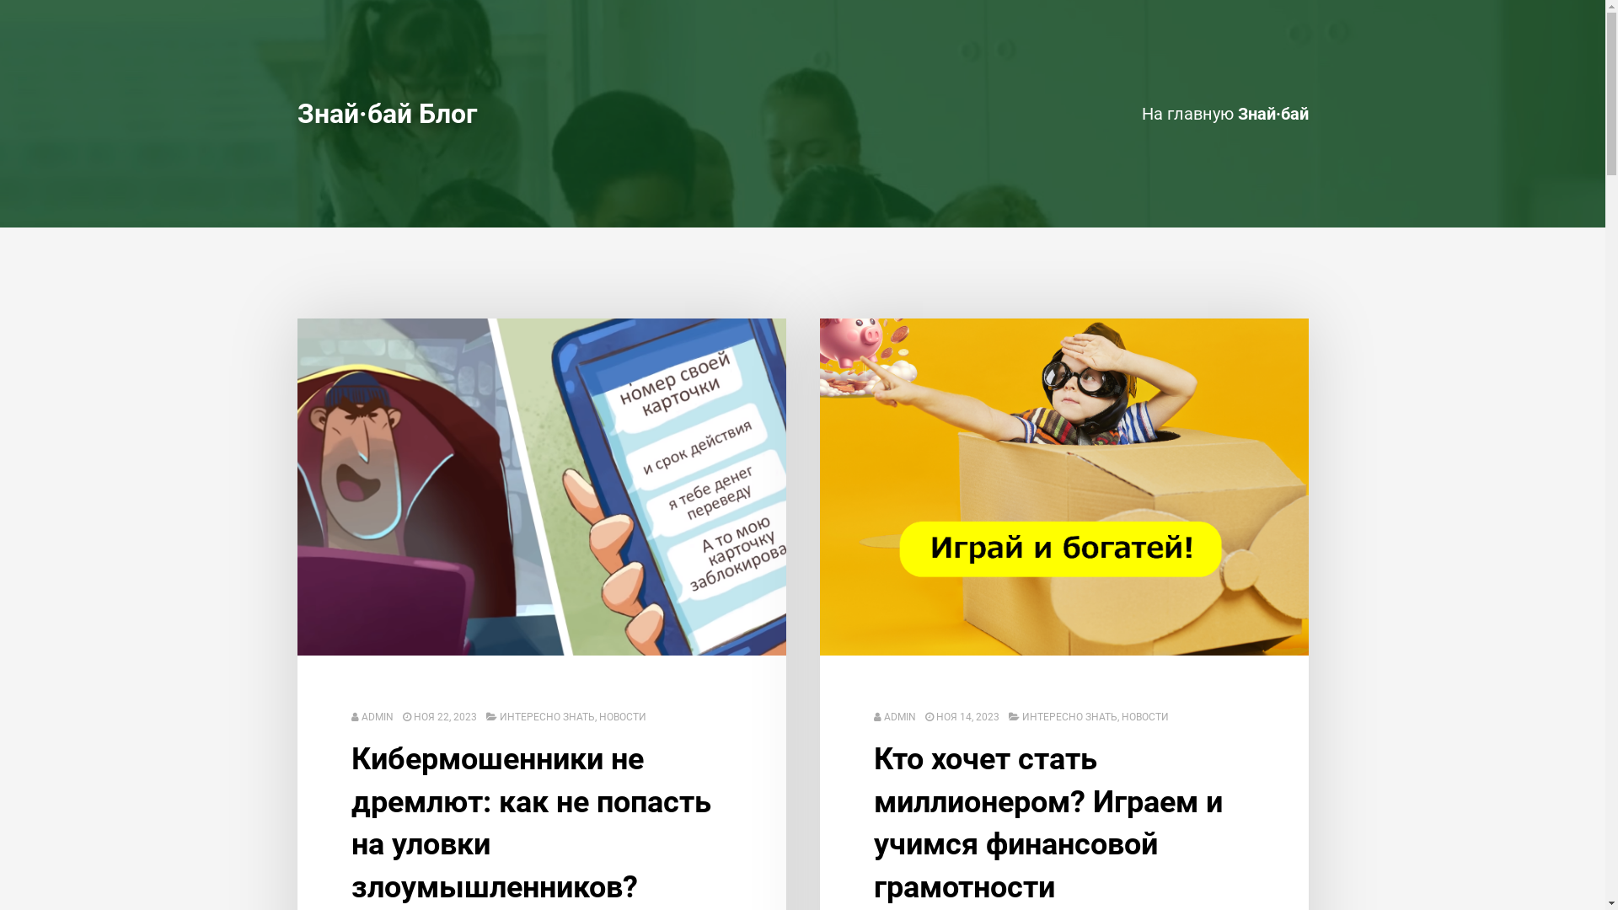  I want to click on 'ADMIN', so click(897, 717).